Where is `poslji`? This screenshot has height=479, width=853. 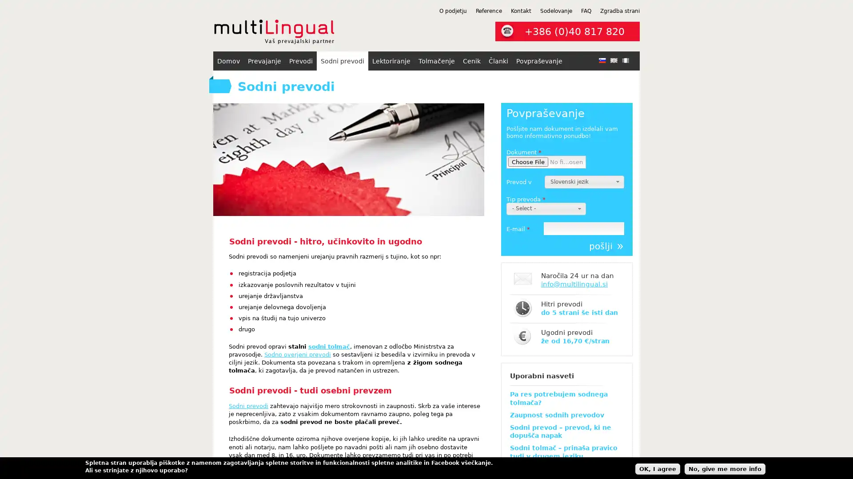 poslji is located at coordinates (606, 246).